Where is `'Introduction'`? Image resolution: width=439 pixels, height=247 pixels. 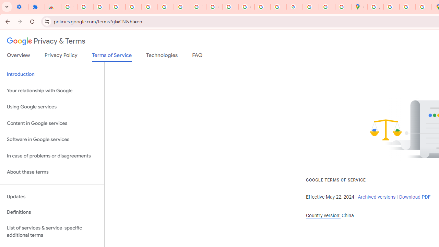
'Introduction' is located at coordinates (52, 74).